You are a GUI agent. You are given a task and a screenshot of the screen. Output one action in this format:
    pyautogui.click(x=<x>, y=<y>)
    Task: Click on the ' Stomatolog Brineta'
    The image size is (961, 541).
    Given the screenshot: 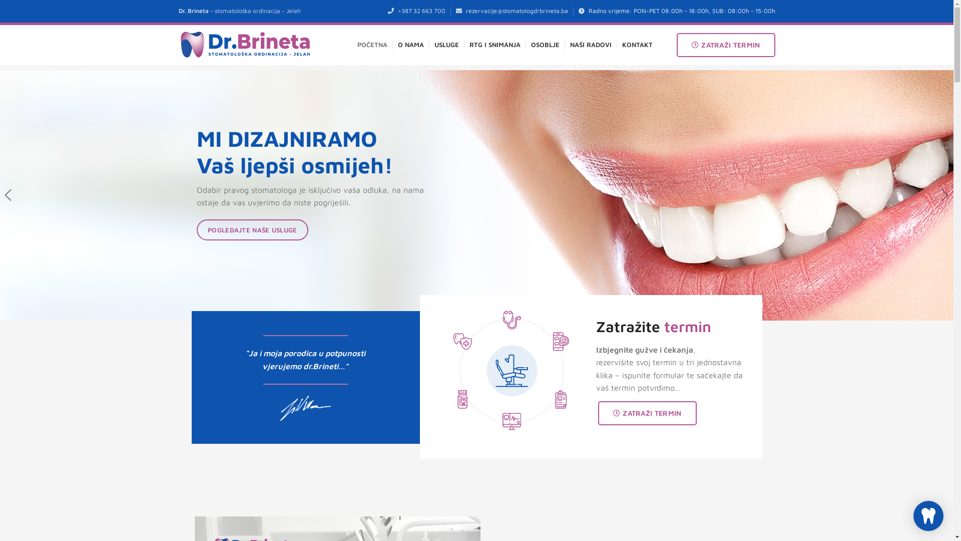 What is the action you would take?
    pyautogui.click(x=274, y=501)
    